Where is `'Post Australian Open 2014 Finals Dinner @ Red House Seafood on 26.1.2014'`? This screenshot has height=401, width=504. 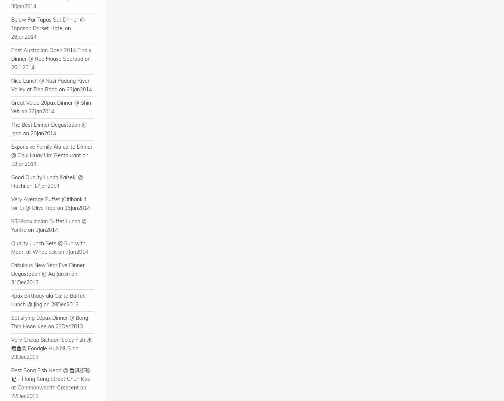 'Post Australian Open 2014 Finals Dinner @ Red House Seafood on 26.1.2014' is located at coordinates (51, 59).